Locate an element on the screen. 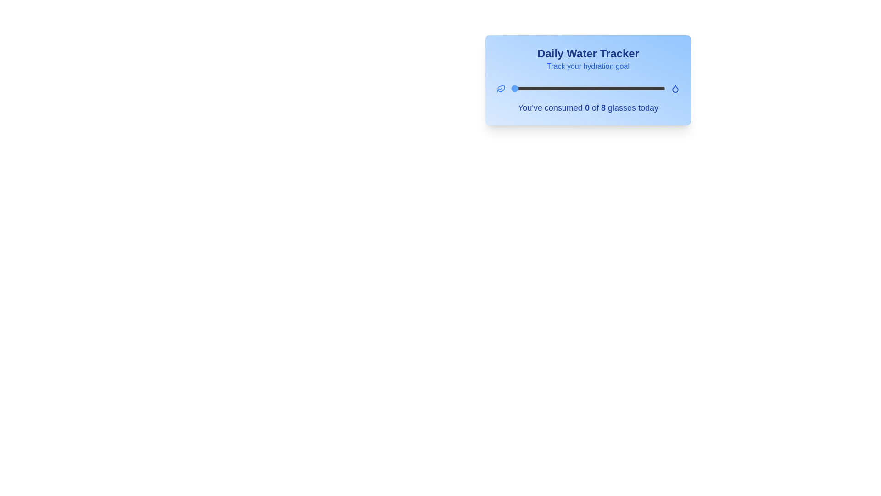 Image resolution: width=881 pixels, height=496 pixels. the water intake slider to set the water consumption to 2 glasses is located at coordinates (550, 88).